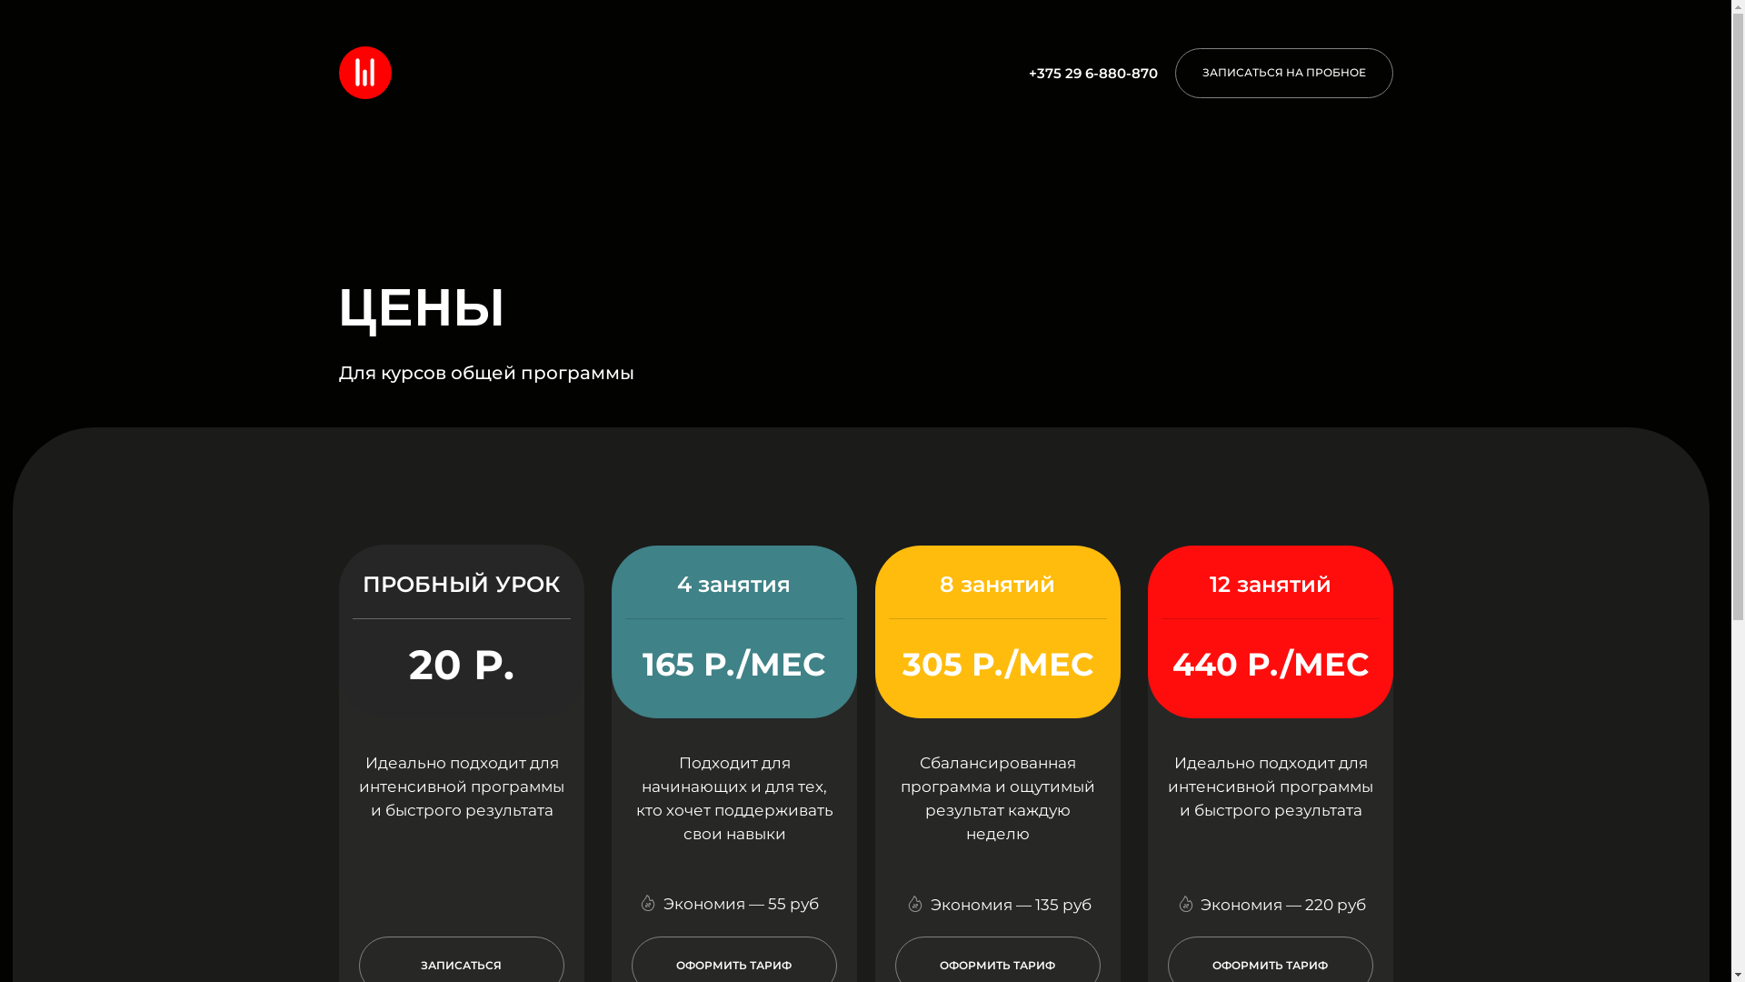  What do you see at coordinates (1092, 72) in the screenshot?
I see `'+375 29 6-880-870'` at bounding box center [1092, 72].